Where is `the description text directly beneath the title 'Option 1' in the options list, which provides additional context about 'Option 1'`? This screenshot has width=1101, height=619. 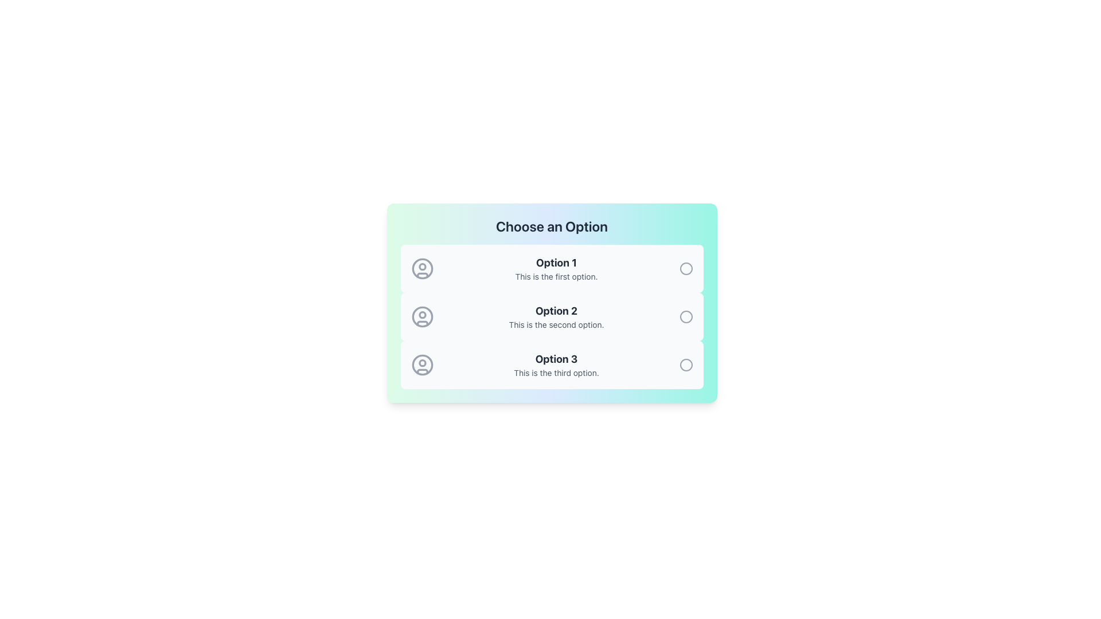
the description text directly beneath the title 'Option 1' in the options list, which provides additional context about 'Option 1' is located at coordinates (556, 276).